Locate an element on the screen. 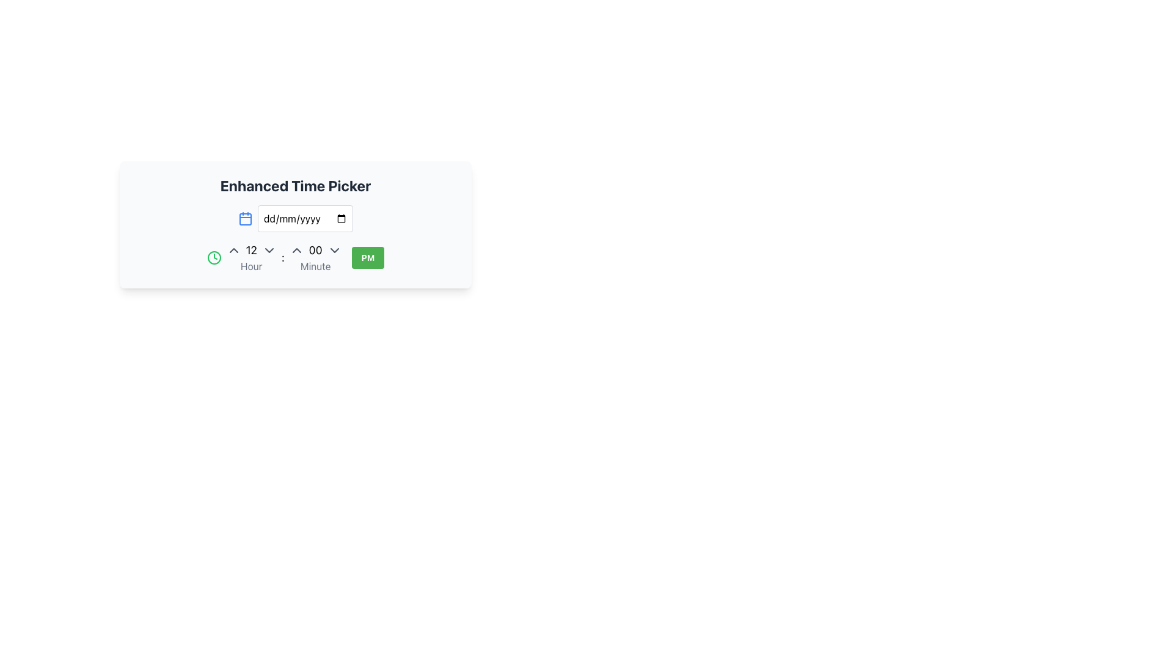 This screenshot has height=660, width=1173. the static text display showing the number '12', which is positioned between a downward arrow and another UI component, directly beneath the label 'Hour' is located at coordinates (250, 249).